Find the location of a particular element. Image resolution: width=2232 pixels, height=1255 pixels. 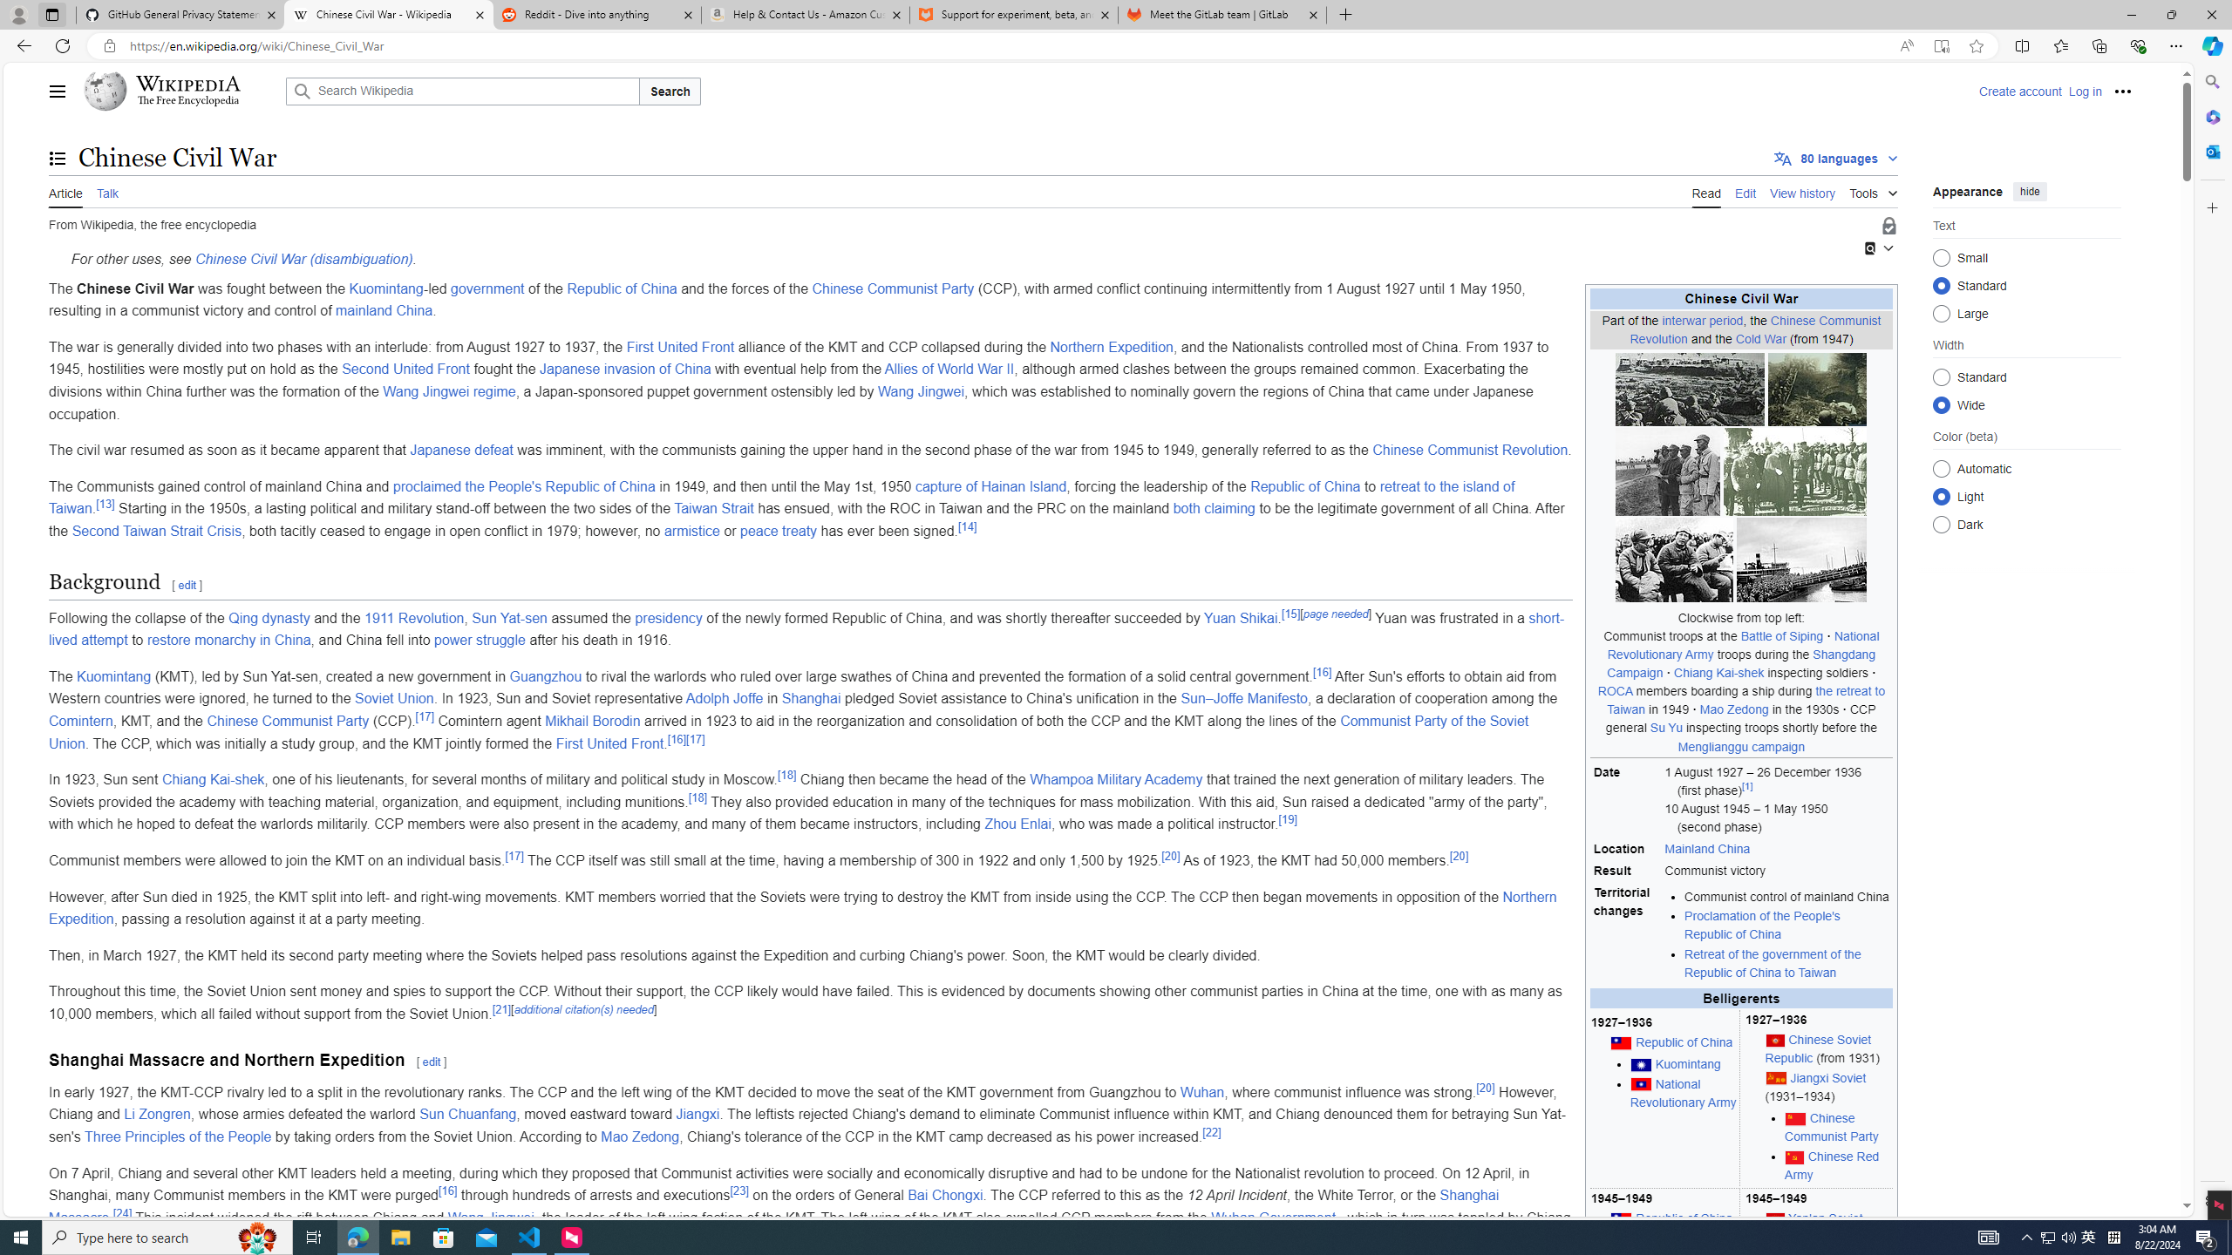

'Retreat of the government of the Republic of China to Taiwan' is located at coordinates (1773, 962).